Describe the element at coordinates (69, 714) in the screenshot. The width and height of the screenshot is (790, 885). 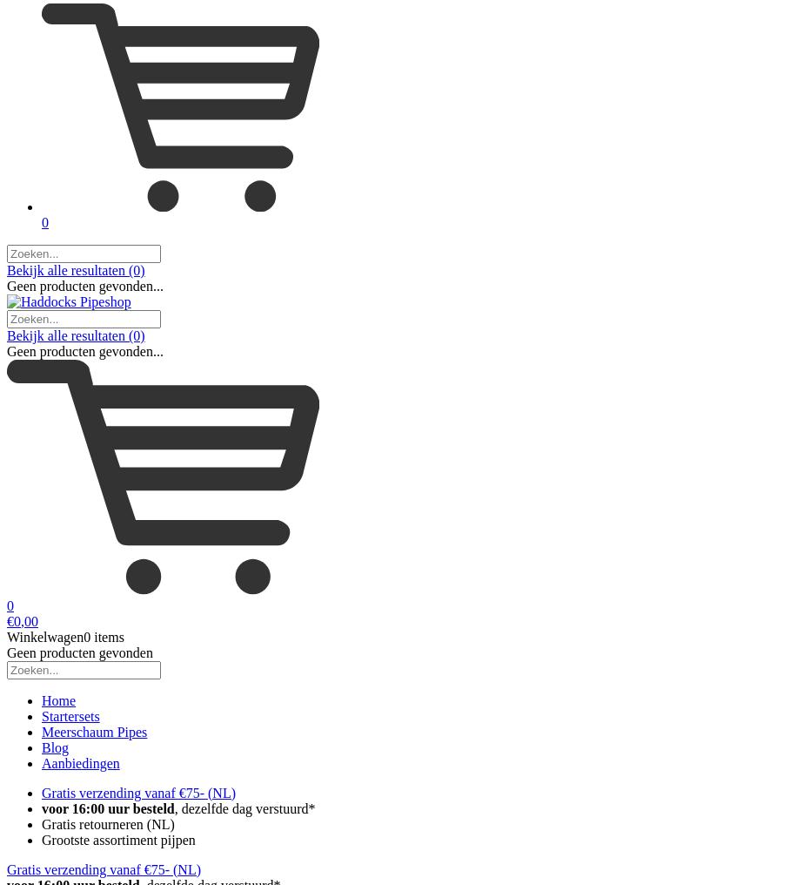
I see `'Startersets'` at that location.